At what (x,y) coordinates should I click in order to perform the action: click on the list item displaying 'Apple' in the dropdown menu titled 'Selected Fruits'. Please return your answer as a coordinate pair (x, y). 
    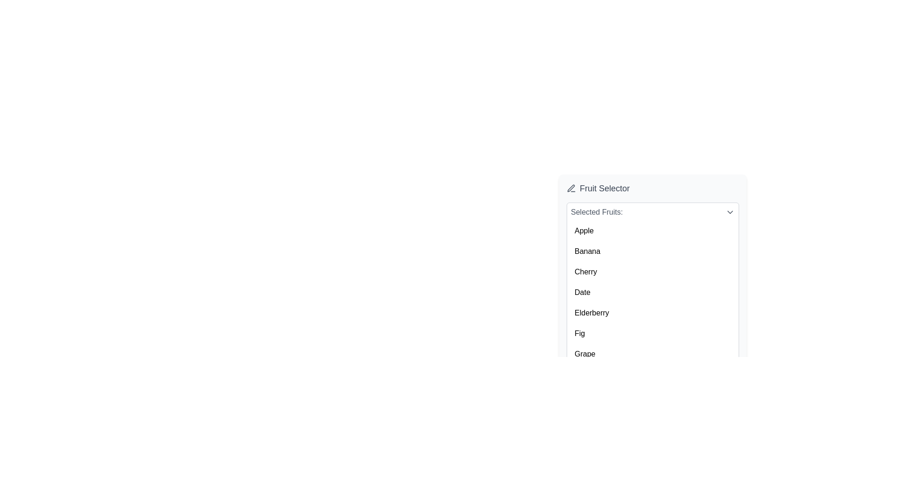
    Looking at the image, I should click on (652, 231).